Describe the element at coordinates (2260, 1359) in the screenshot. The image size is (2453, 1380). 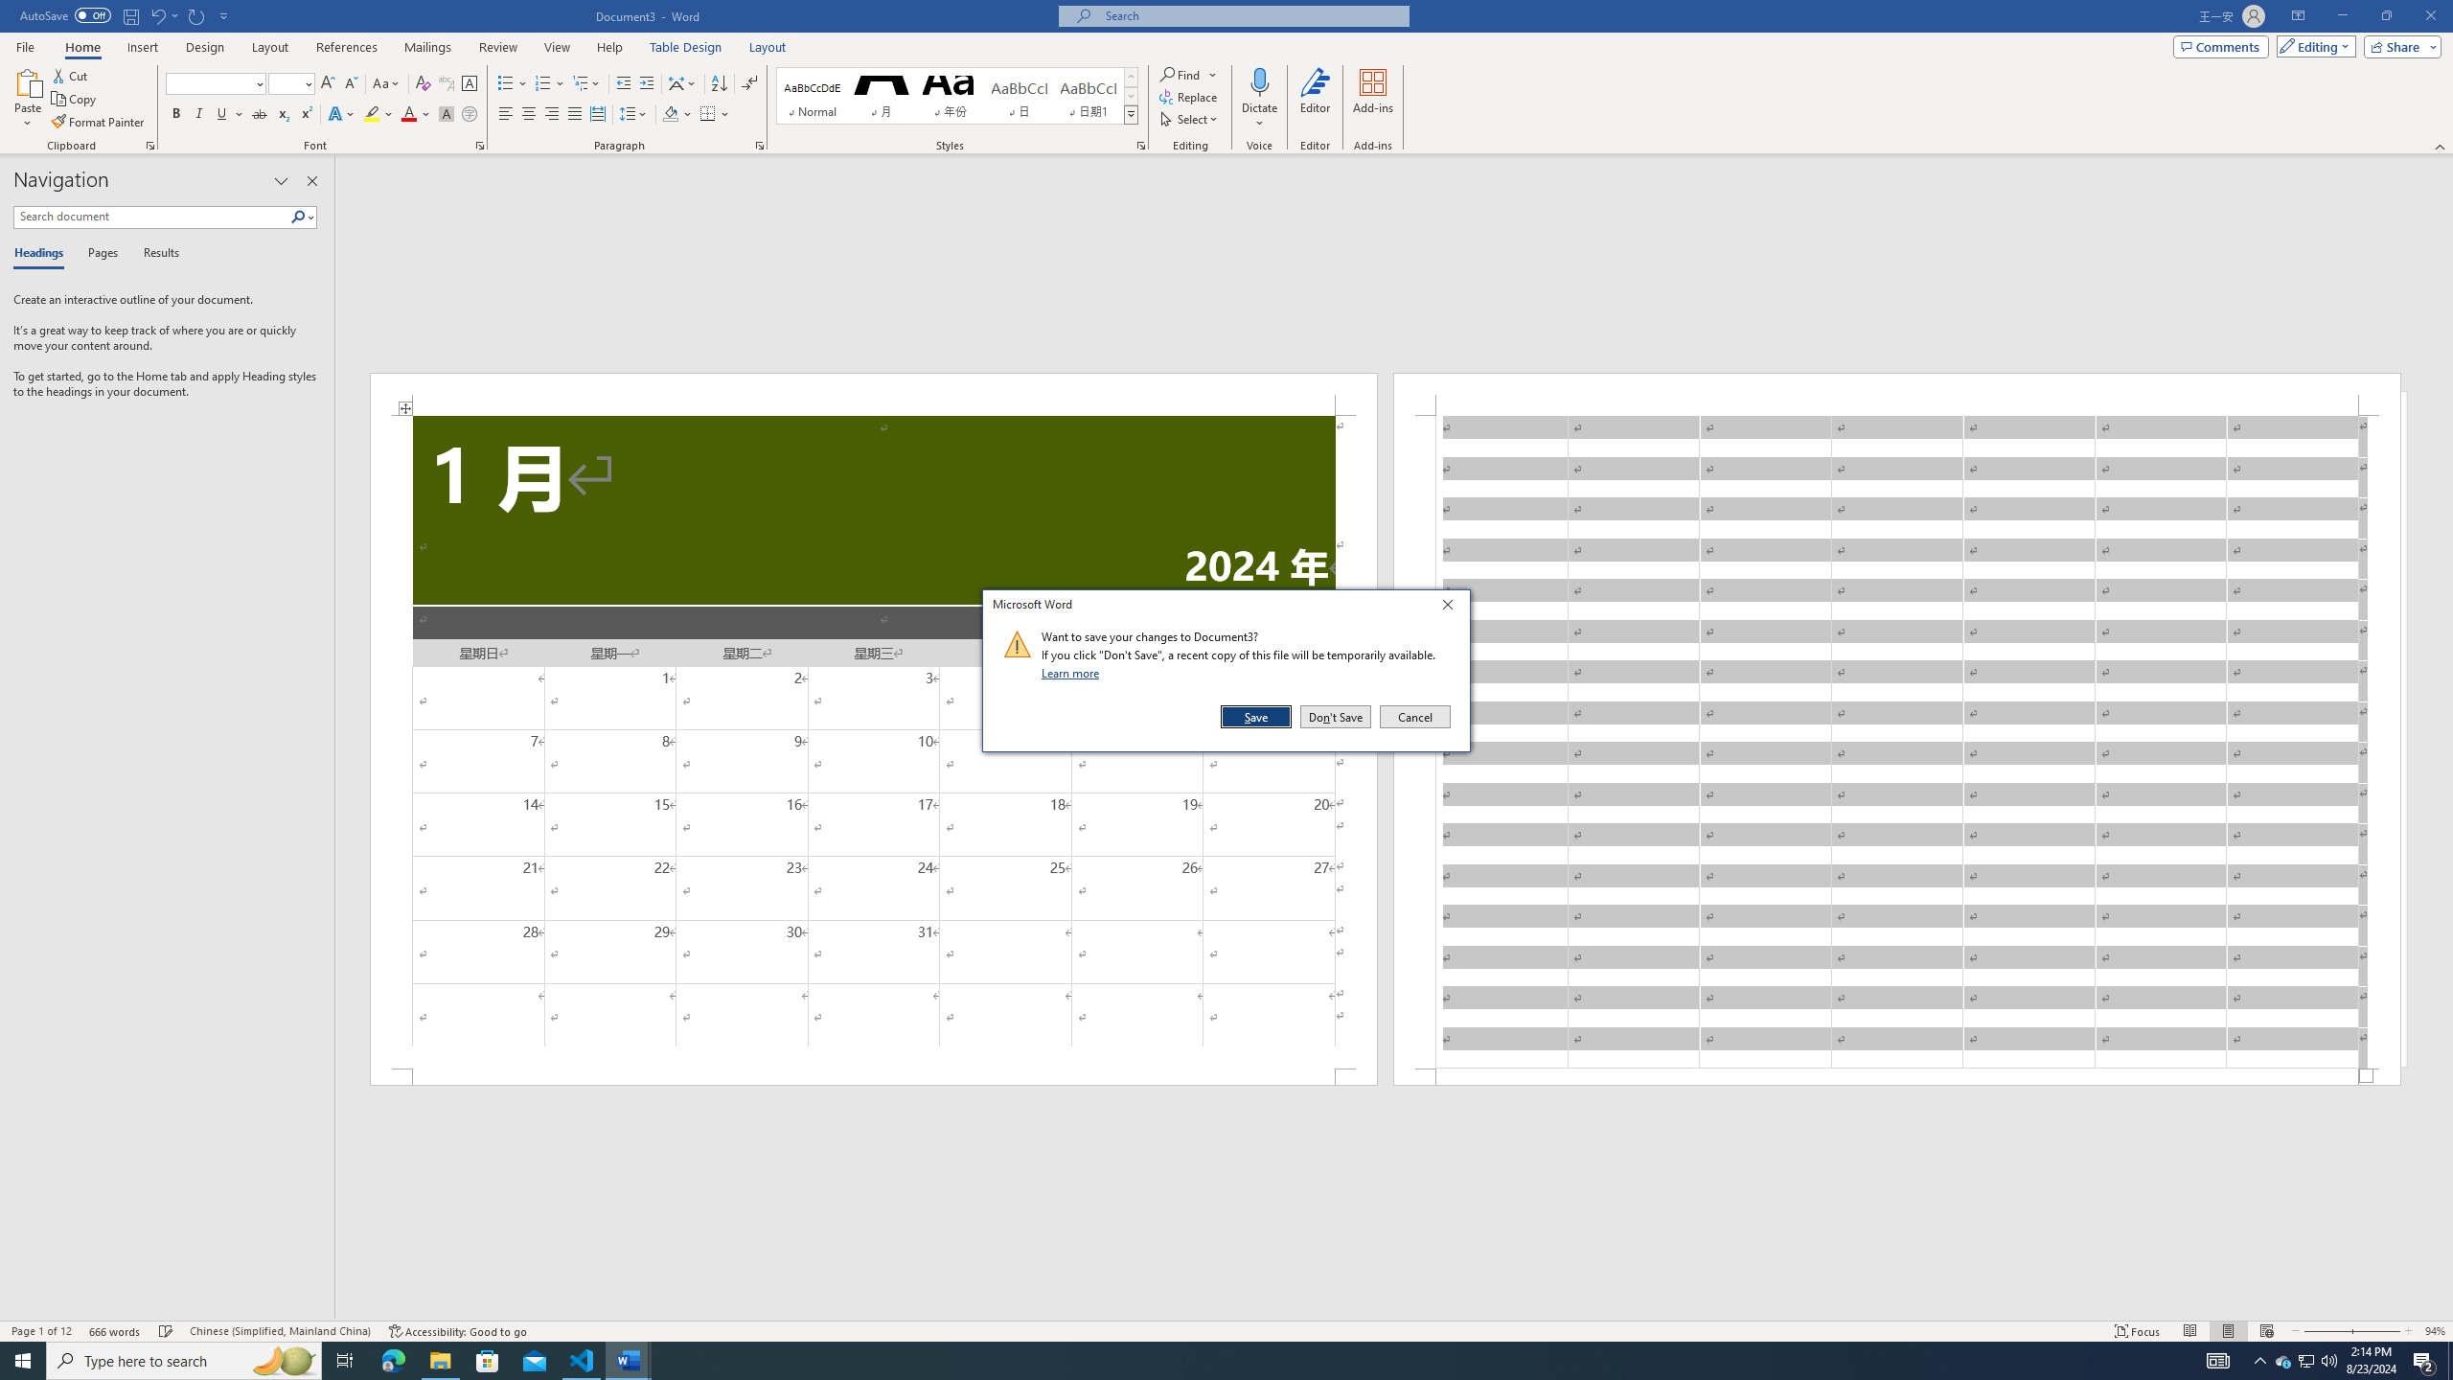
I see `'Notification Chevron'` at that location.